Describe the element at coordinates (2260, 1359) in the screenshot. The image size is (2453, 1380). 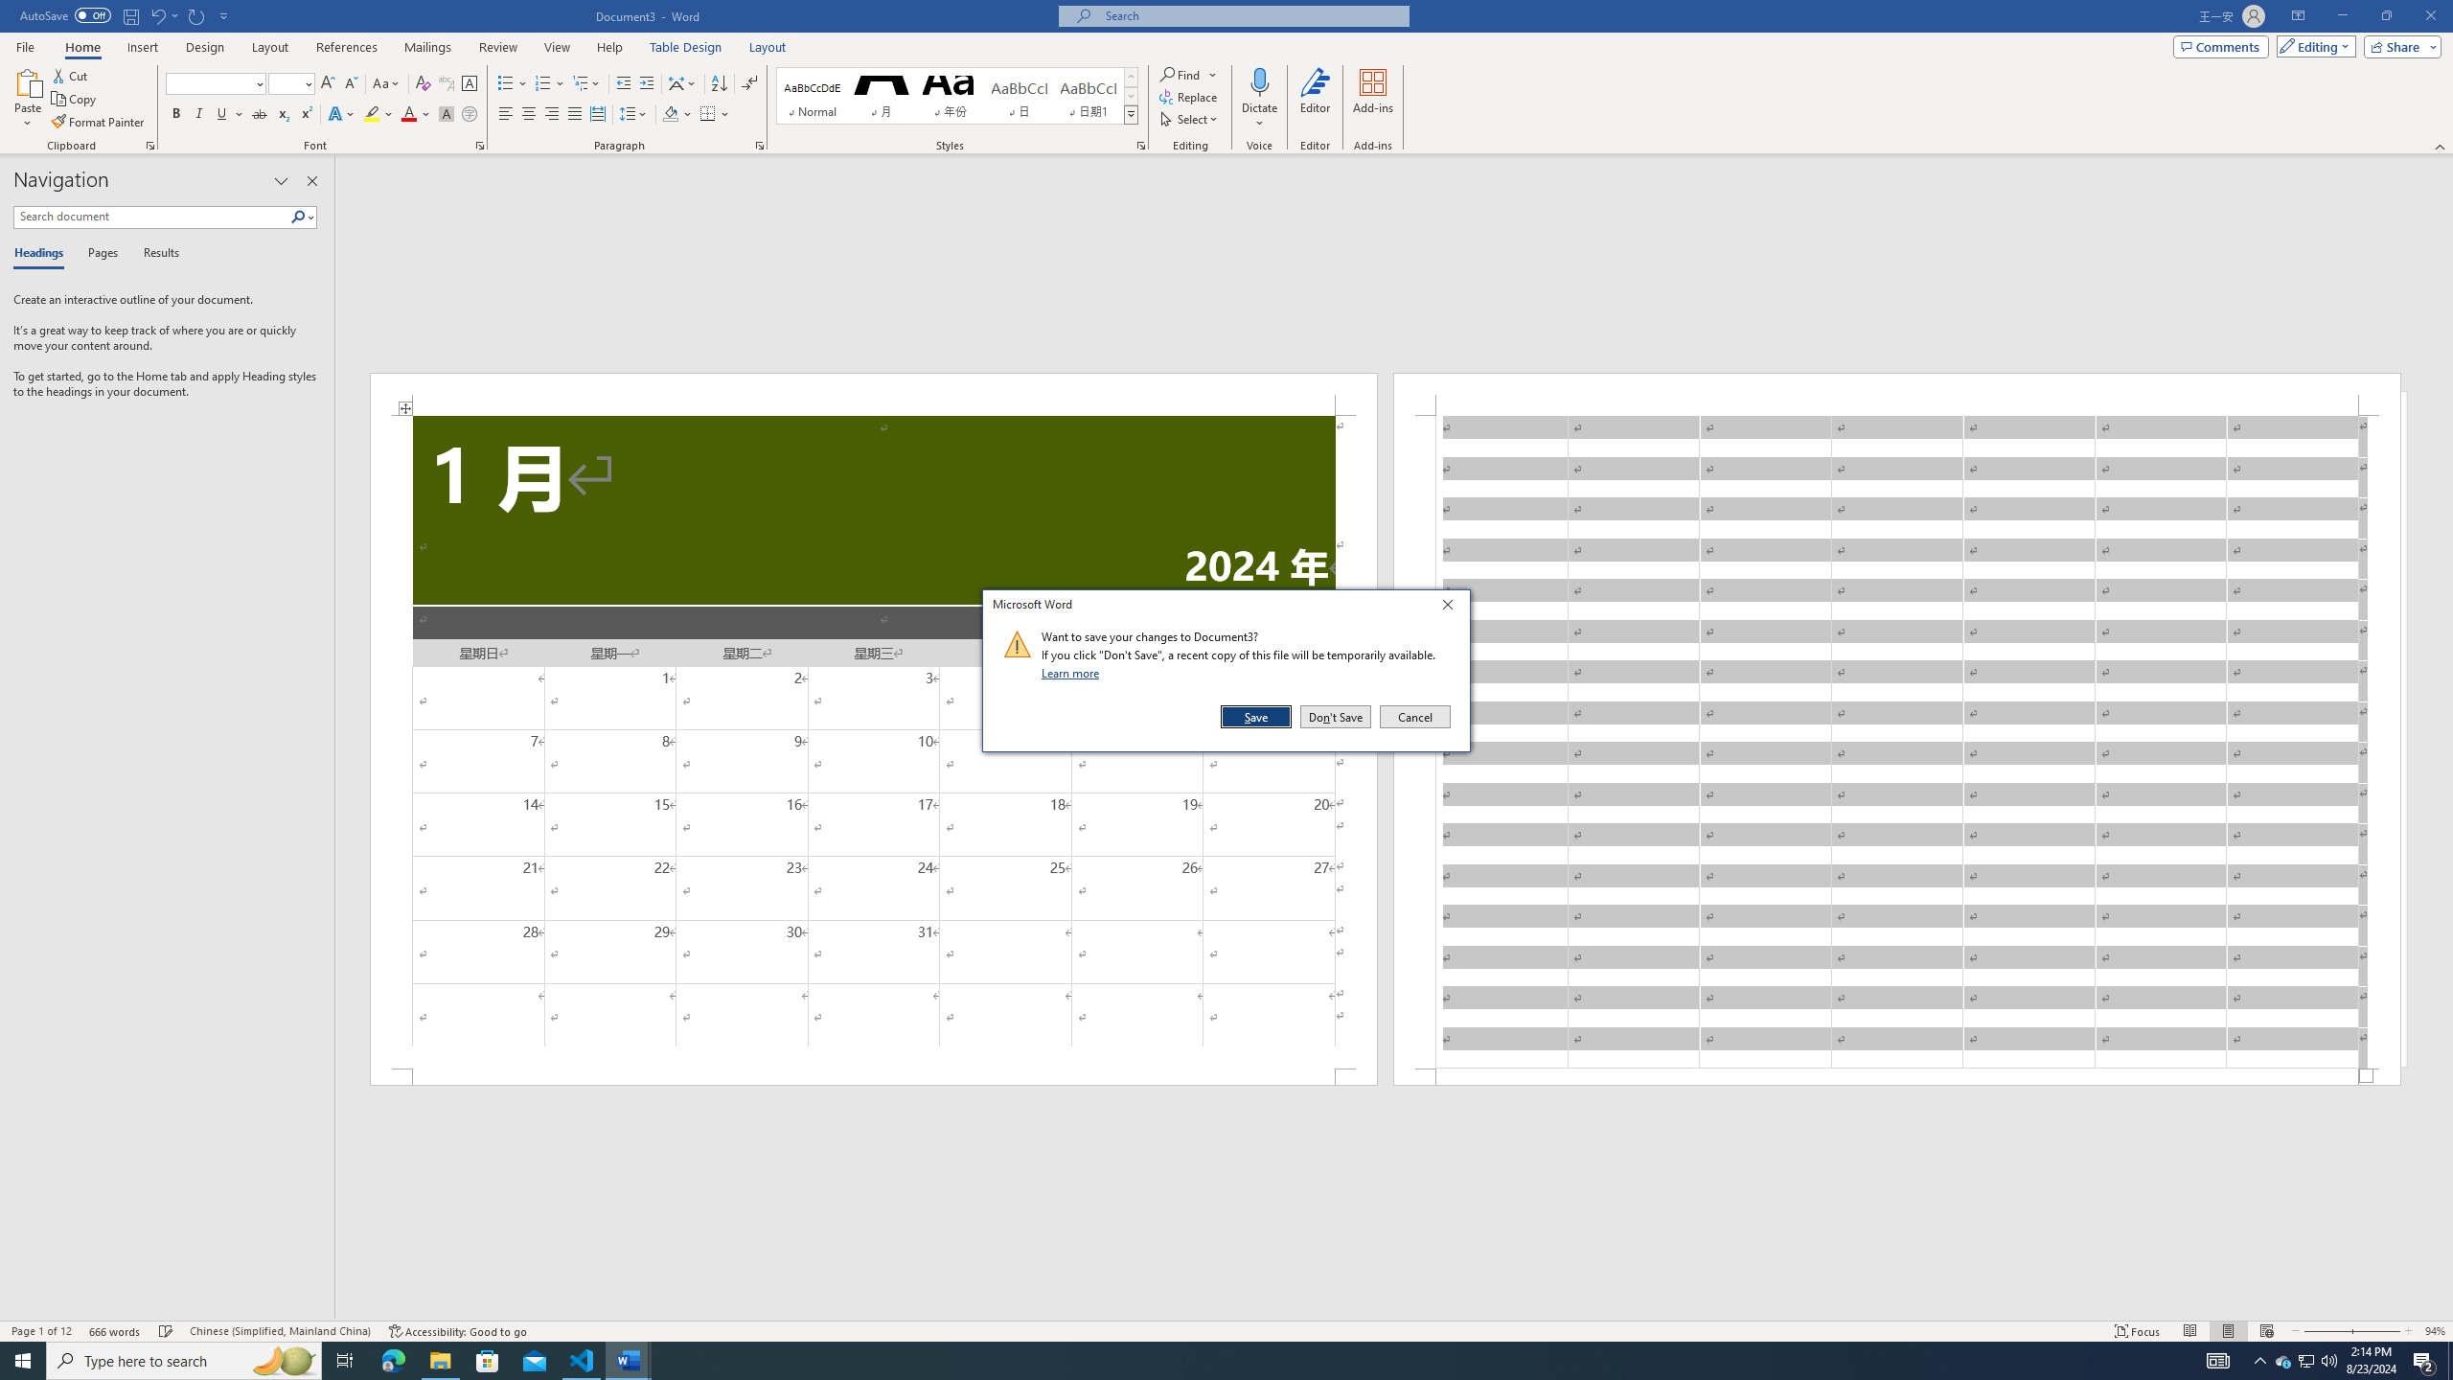
I see `'Notification Chevron'` at that location.